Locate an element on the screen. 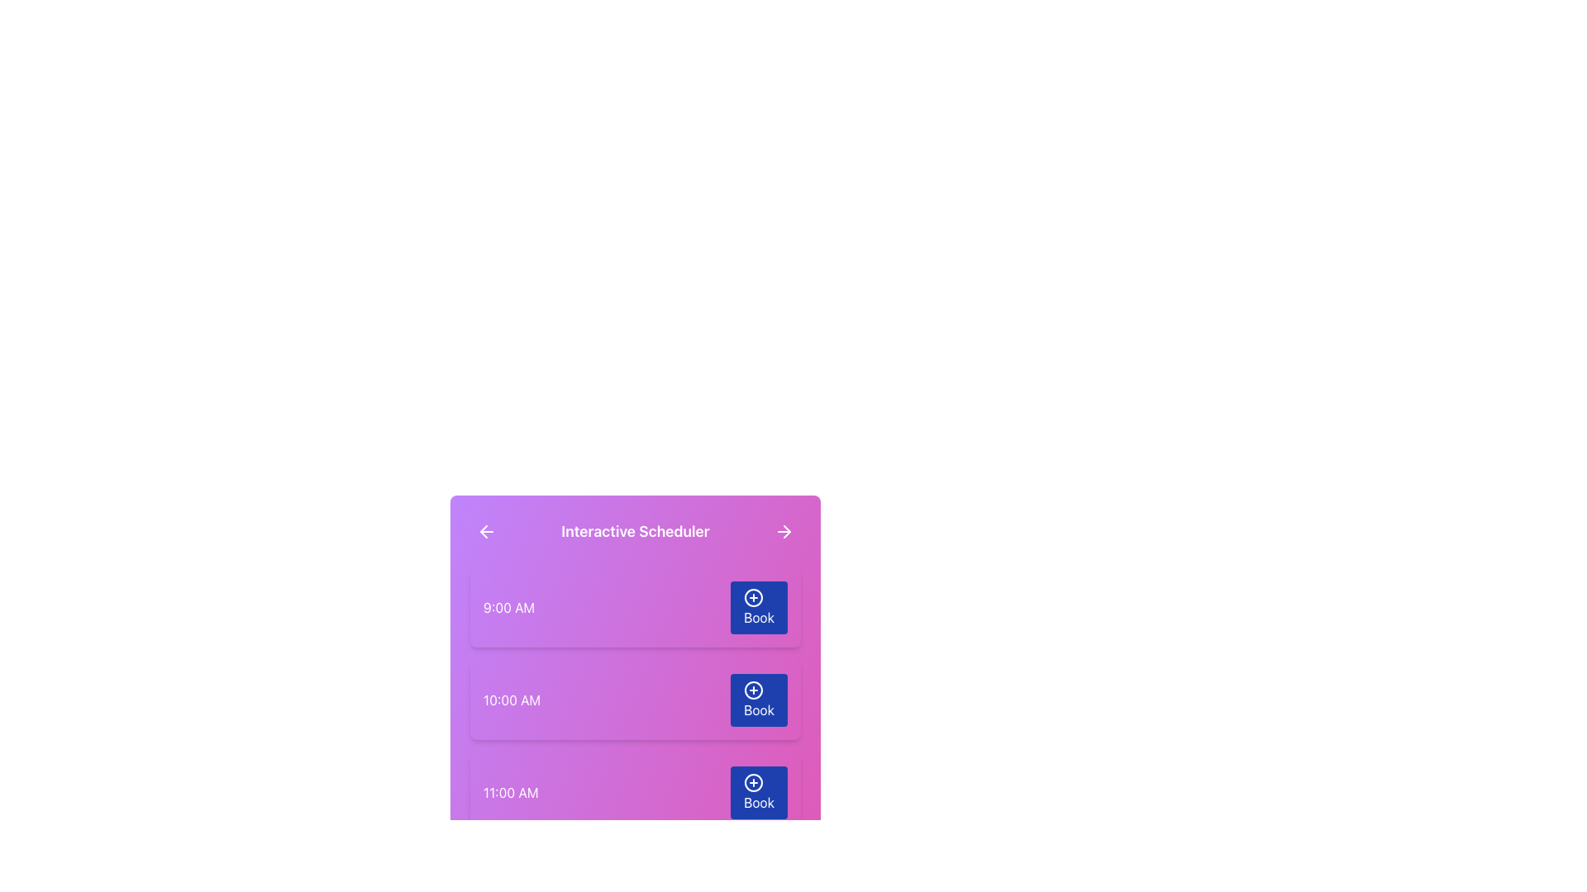 This screenshot has height=892, width=1587. the text label displaying '10:00 AM' in white font on a gradient purple background, located in the second row of the scheduling interface, to the left of the blue 'Book' button is located at coordinates (511, 700).